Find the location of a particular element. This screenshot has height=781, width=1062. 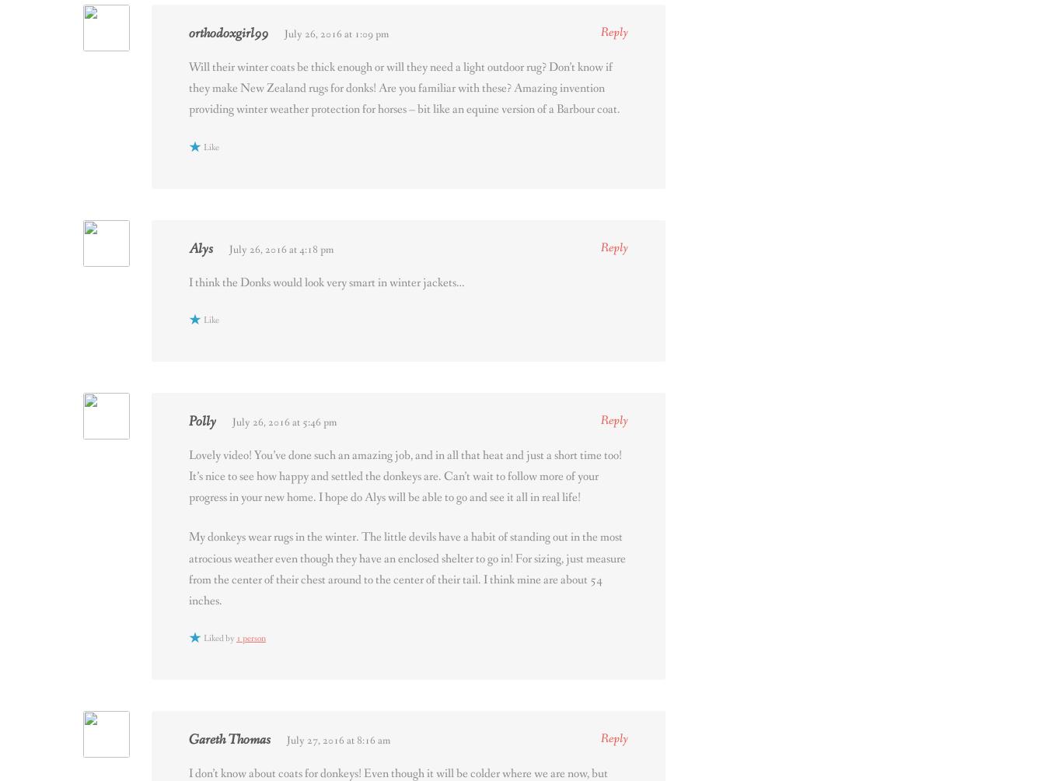

'Polly' is located at coordinates (202, 420).